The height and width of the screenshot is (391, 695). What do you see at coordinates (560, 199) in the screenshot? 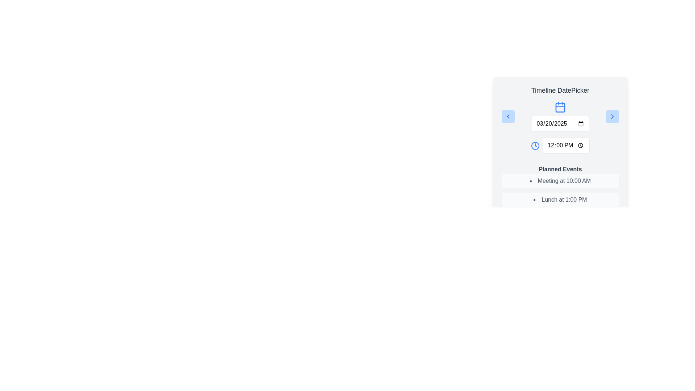
I see `text of the second item labeled 'Lunch at 1:00 PM.' in the 'Planned Events' list under the date and time selector` at bounding box center [560, 199].